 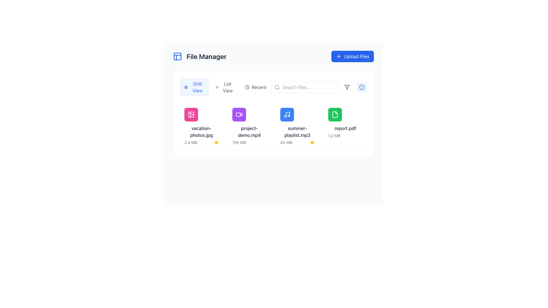 What do you see at coordinates (191, 114) in the screenshot?
I see `the icon representing the image file 'vacation-photos.jpg' located at the top-left position of the first document card in the grid view of the file manager interface` at bounding box center [191, 114].